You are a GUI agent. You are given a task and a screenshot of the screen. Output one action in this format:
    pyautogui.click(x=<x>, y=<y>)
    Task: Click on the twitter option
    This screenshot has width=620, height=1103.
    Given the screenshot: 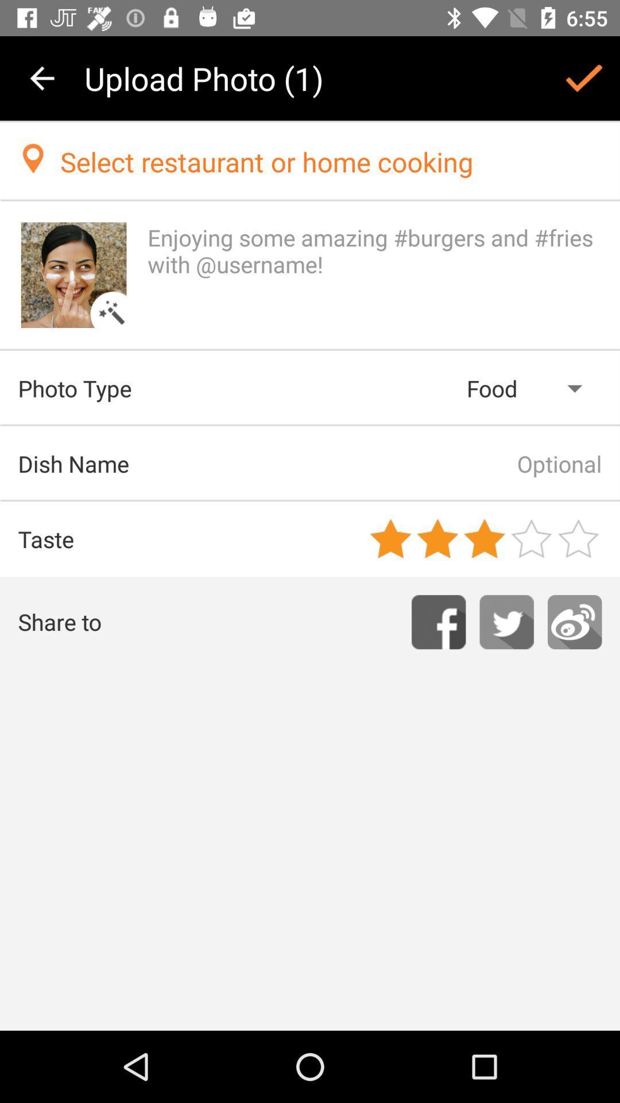 What is the action you would take?
    pyautogui.click(x=506, y=622)
    